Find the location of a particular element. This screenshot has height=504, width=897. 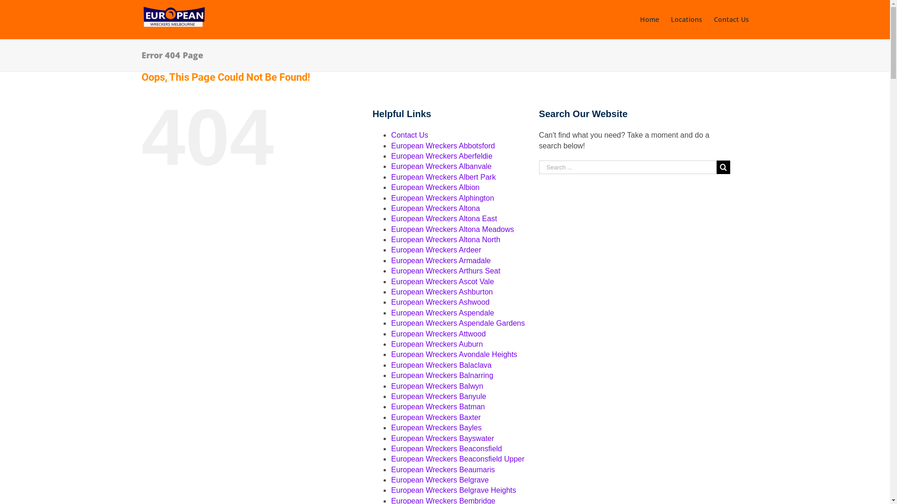

'Contact Us' is located at coordinates (391, 135).